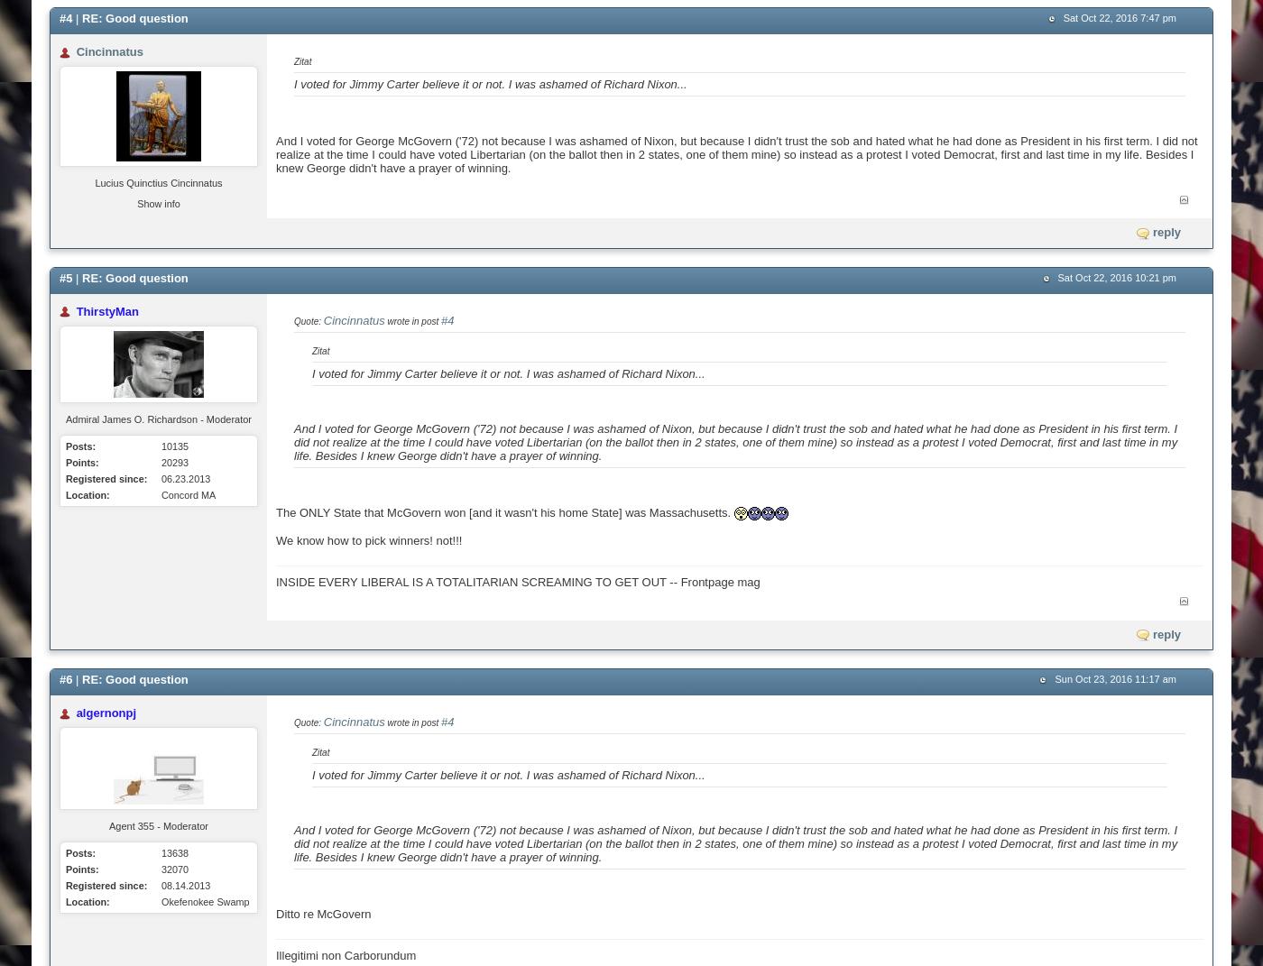 The width and height of the screenshot is (1263, 966). What do you see at coordinates (175, 852) in the screenshot?
I see `'13638'` at bounding box center [175, 852].